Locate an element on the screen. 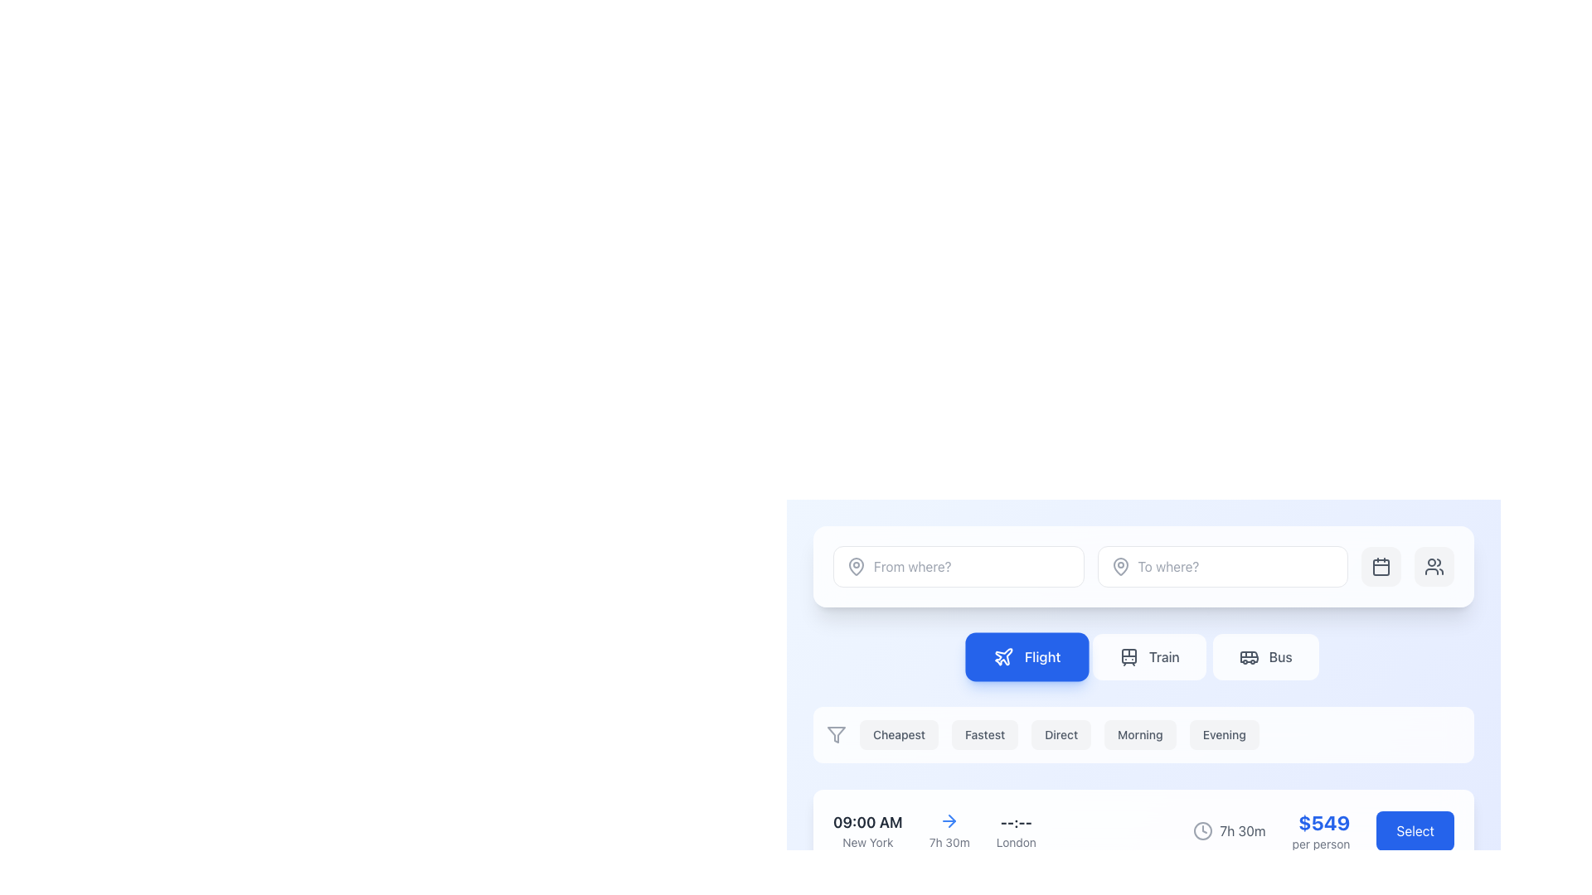 The width and height of the screenshot is (1592, 895). the airplane icon located on the left side of the blue rectangular button labeled 'Flight', which is part of a horizontal set of travel mode options near the top center of the interface is located at coordinates (1003, 656).